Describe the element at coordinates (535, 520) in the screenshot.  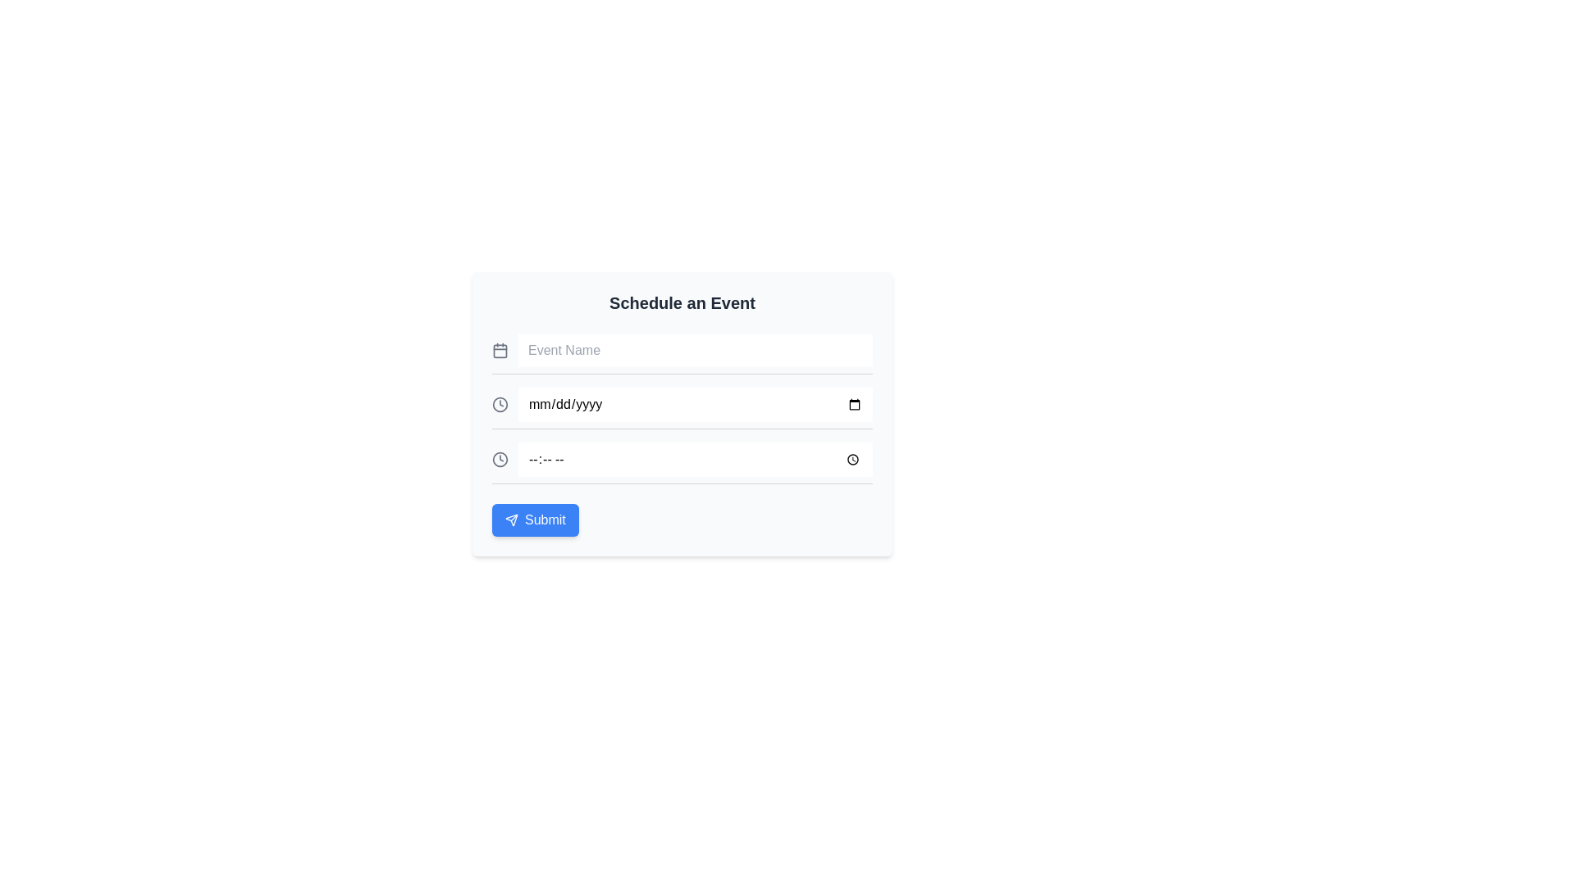
I see `the 'Submit' button with a blue background and white text to observe any interactive hover effects` at that location.